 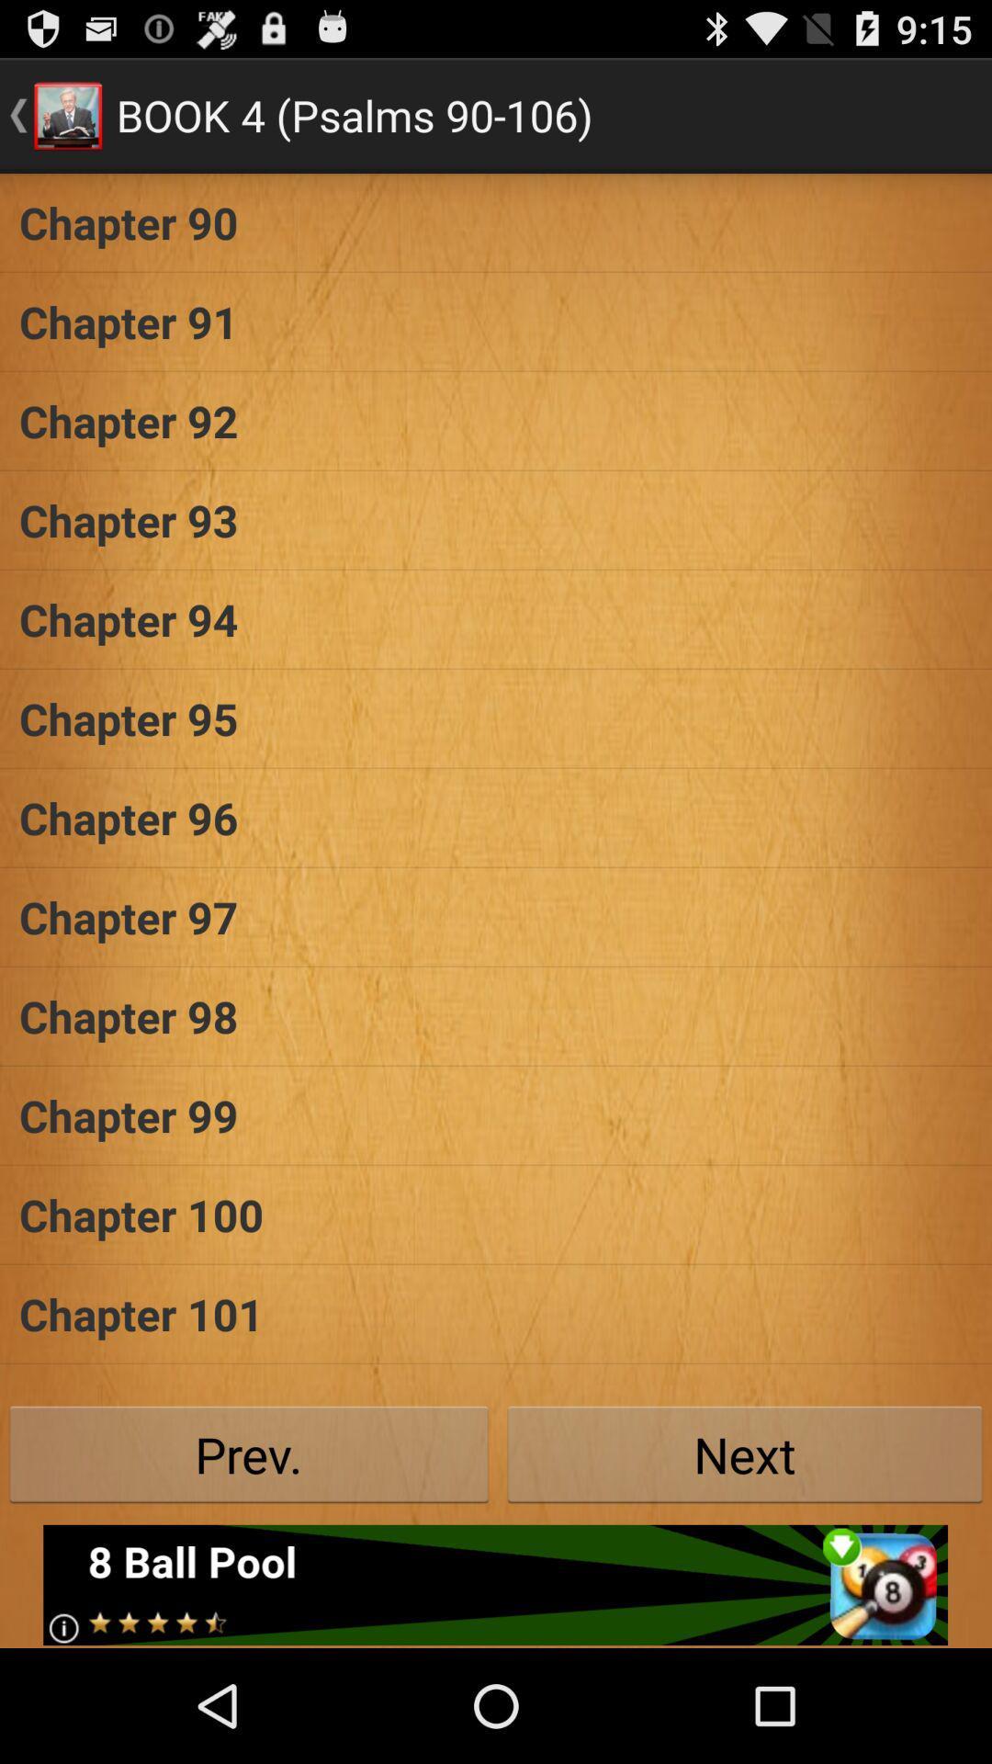 What do you see at coordinates (494, 1584) in the screenshot?
I see `click the advertisement` at bounding box center [494, 1584].